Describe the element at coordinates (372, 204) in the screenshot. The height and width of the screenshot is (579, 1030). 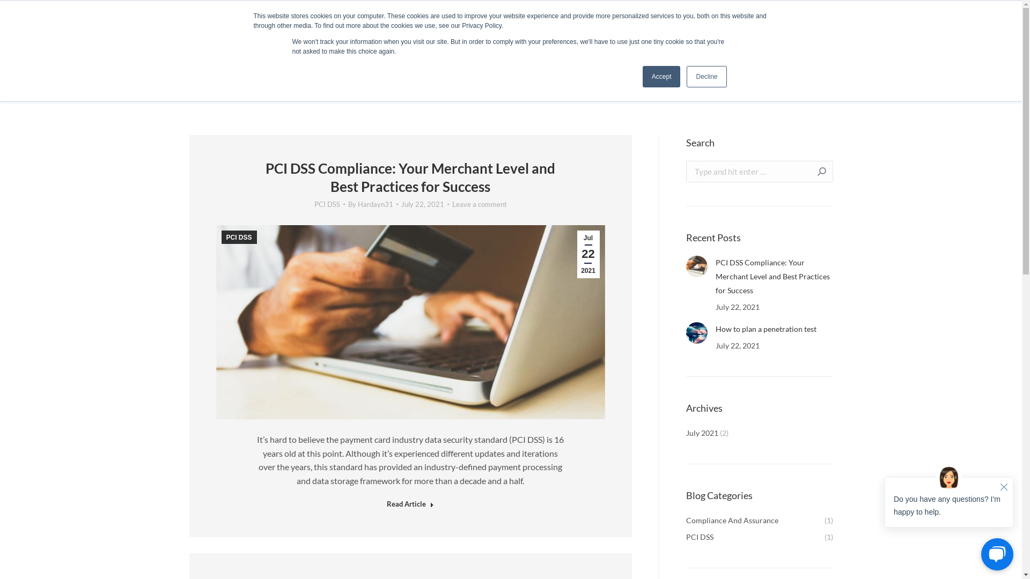
I see `'By Hardayn31'` at that location.